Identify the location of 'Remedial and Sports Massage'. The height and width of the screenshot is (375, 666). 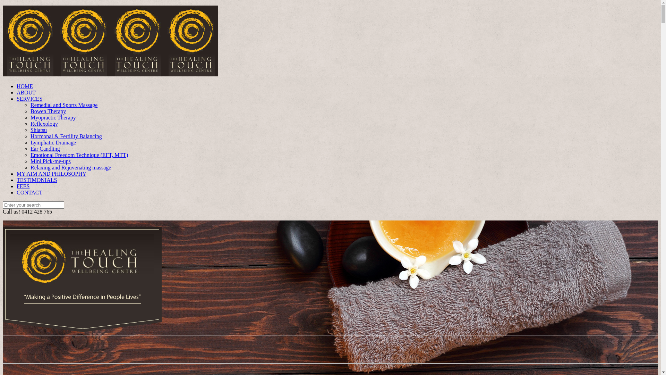
(64, 105).